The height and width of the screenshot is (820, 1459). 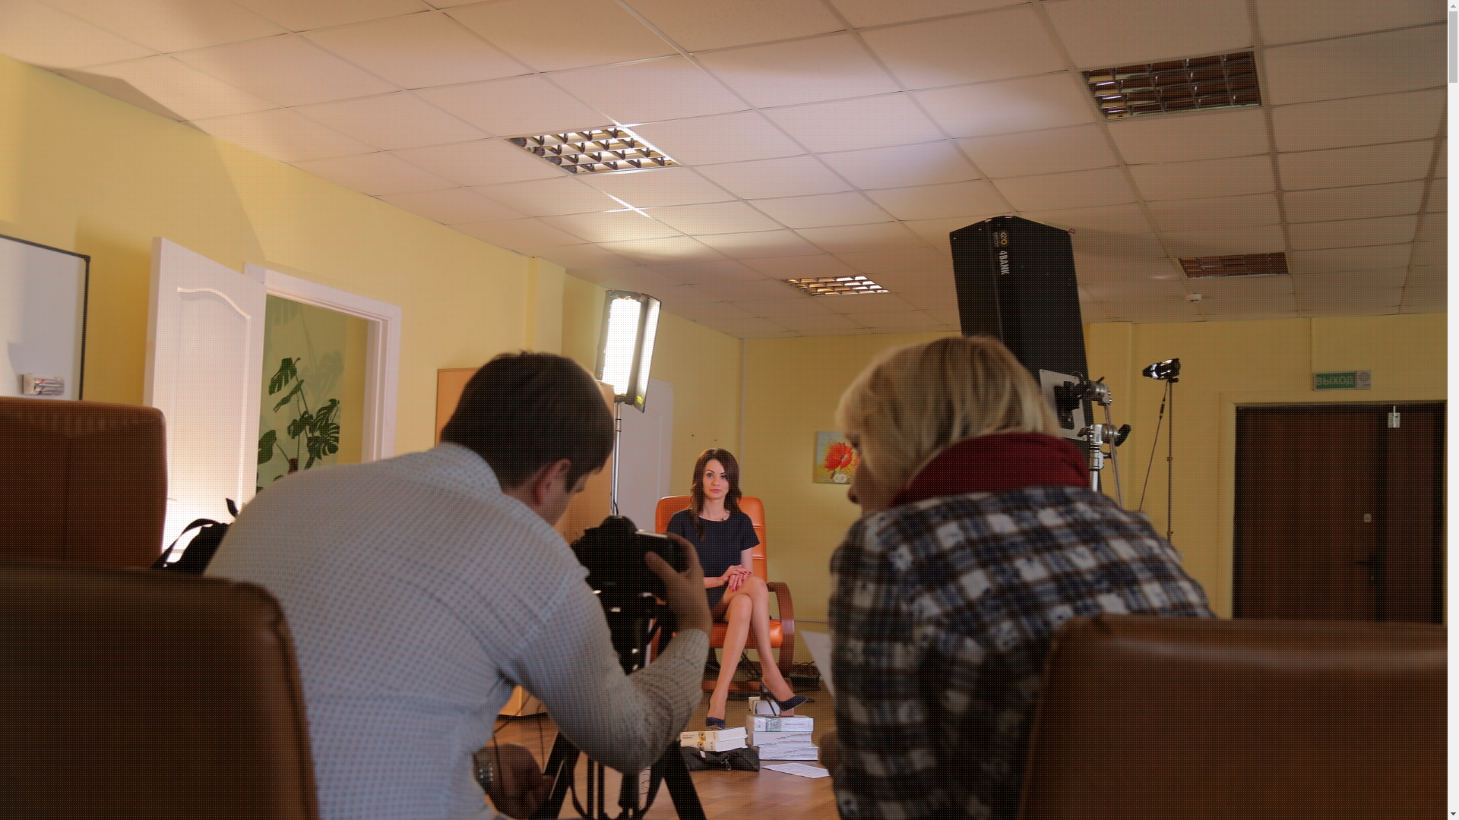 What do you see at coordinates (0, 0) in the screenshot?
I see `'Skip to content'` at bounding box center [0, 0].